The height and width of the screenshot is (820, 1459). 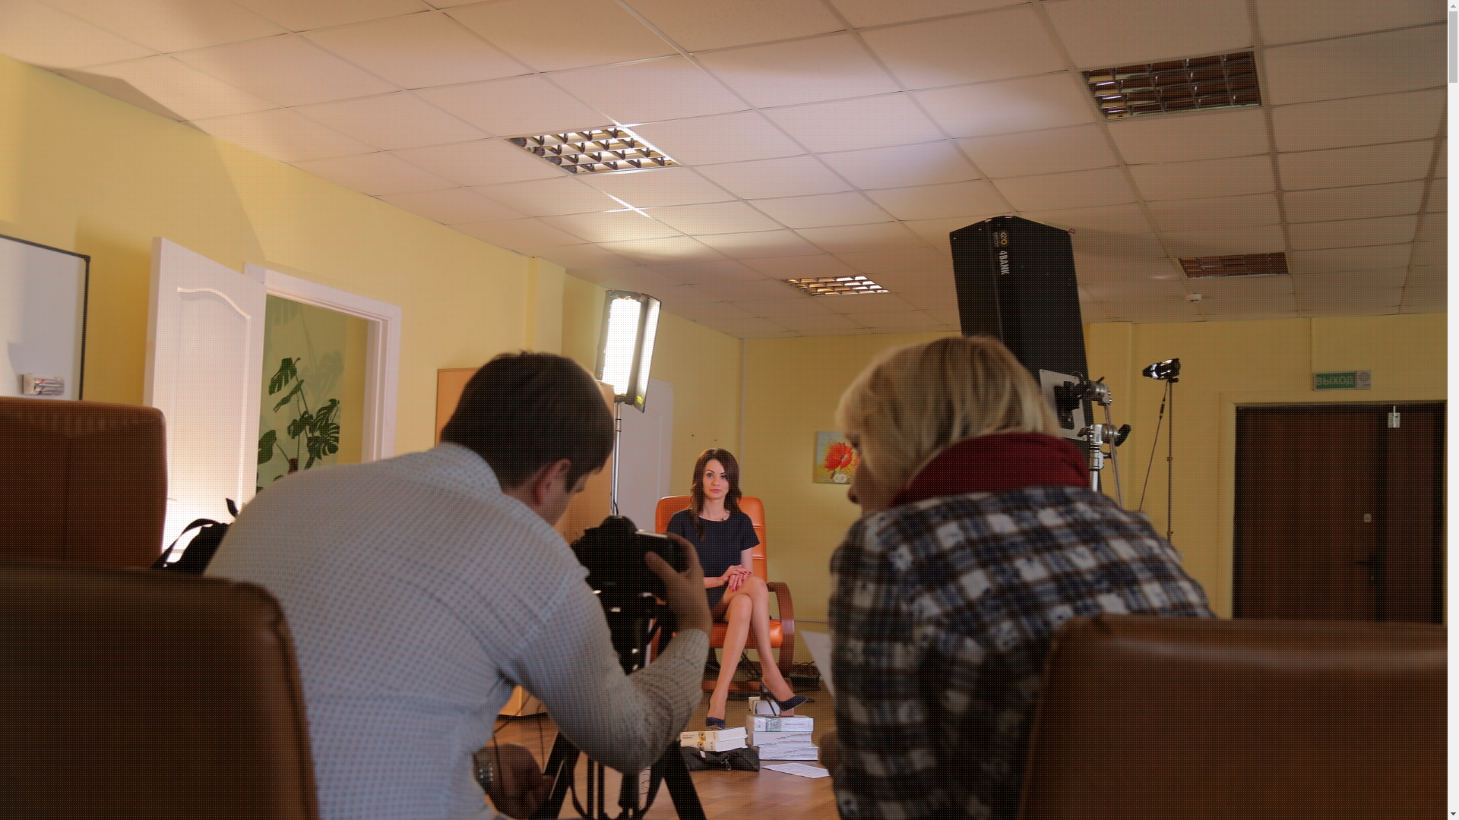 What do you see at coordinates (0, 0) in the screenshot?
I see `'Skip to content'` at bounding box center [0, 0].